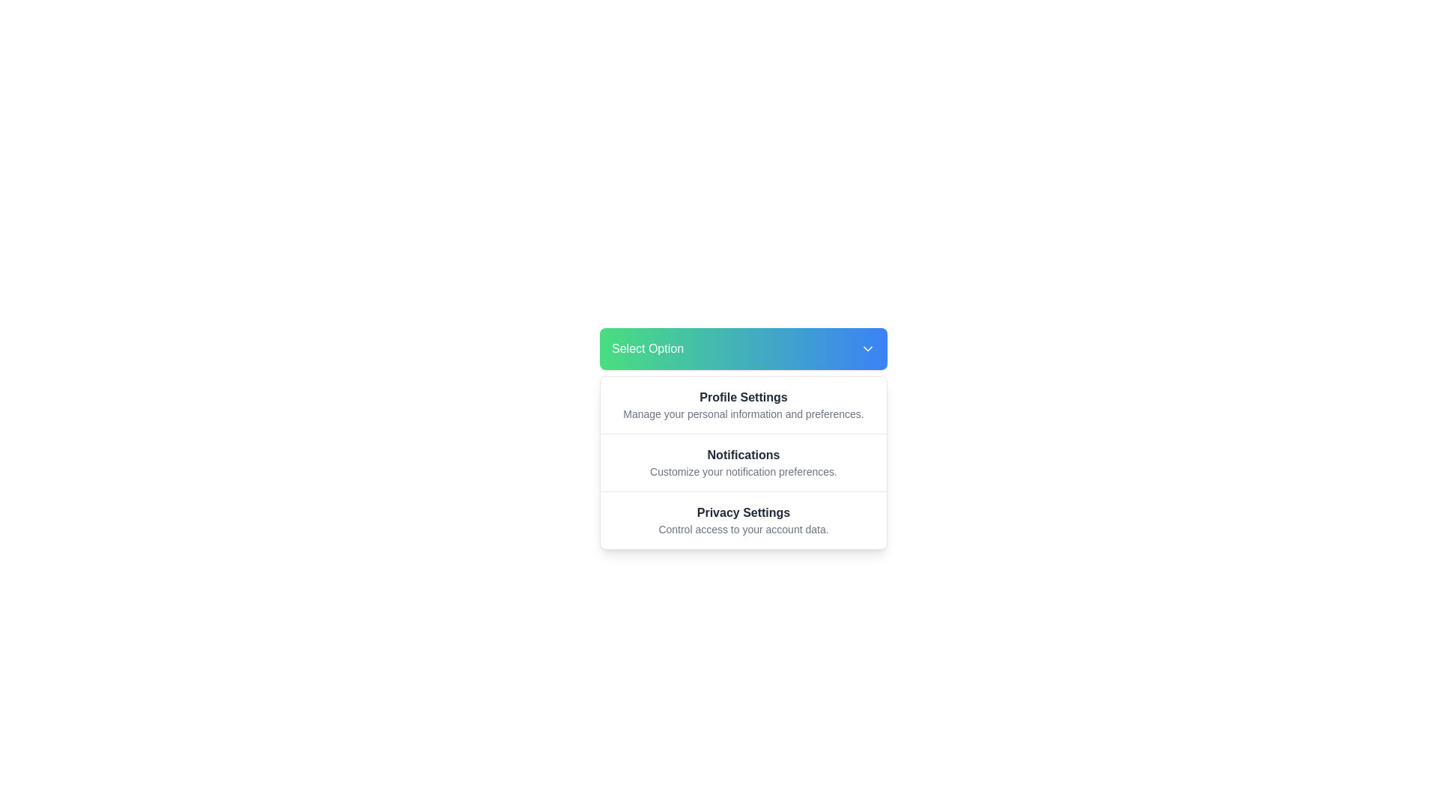 The width and height of the screenshot is (1438, 809). I want to click on the list item titled 'Privacy Settings', so click(744, 519).